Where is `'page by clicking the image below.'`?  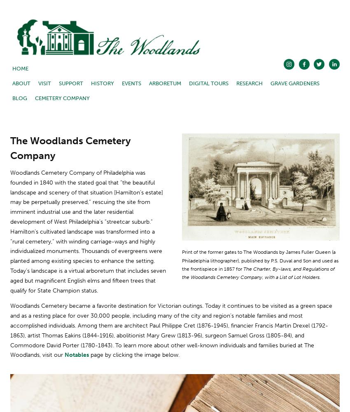
'page by clicking the image below.' is located at coordinates (134, 354).